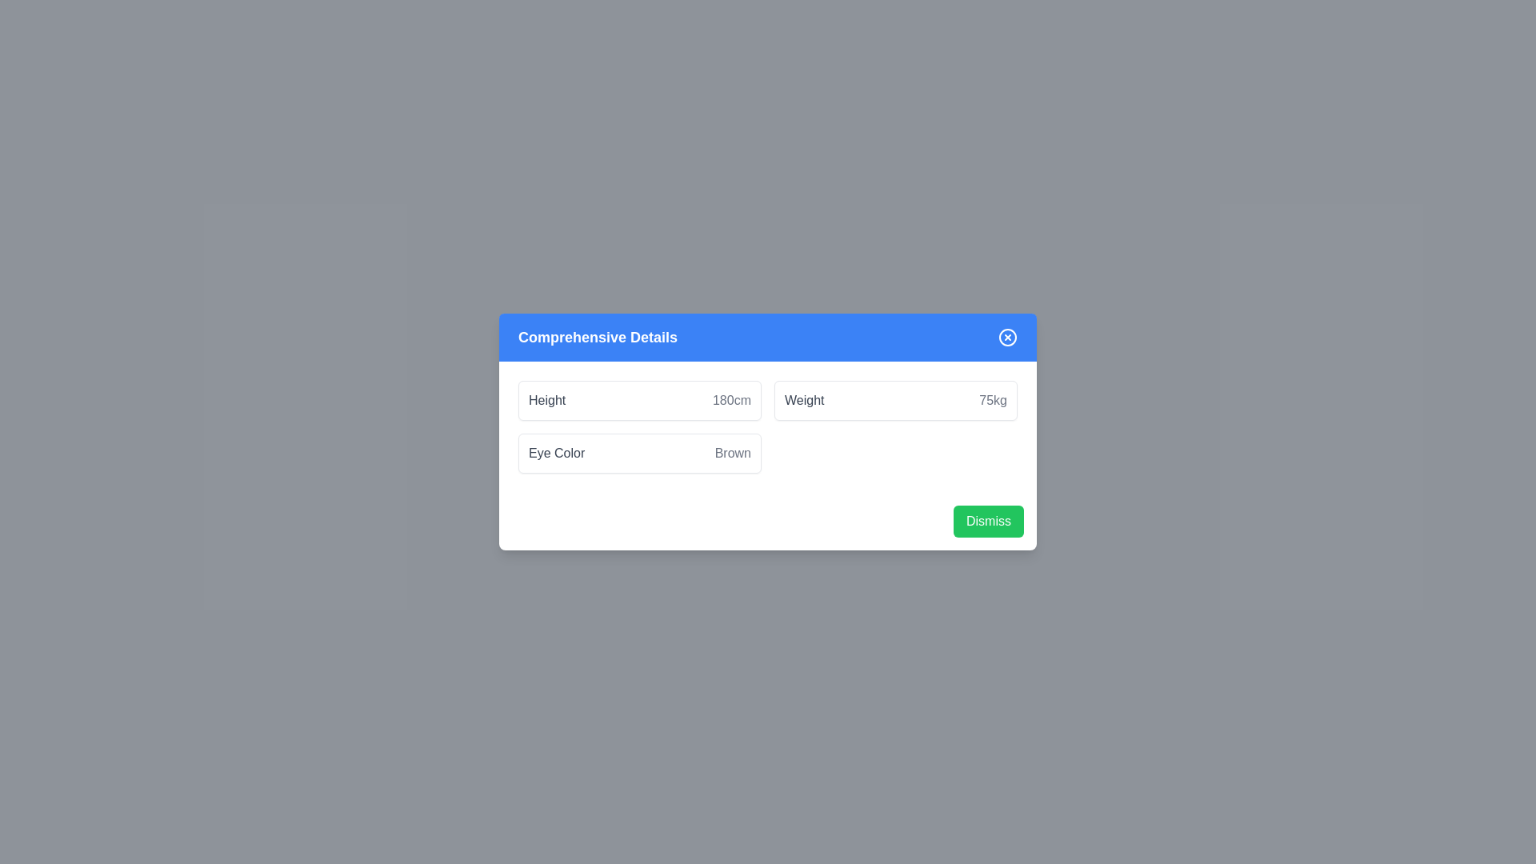 The image size is (1536, 864). I want to click on the 'Dismiss' button to close the dialog, so click(988, 521).